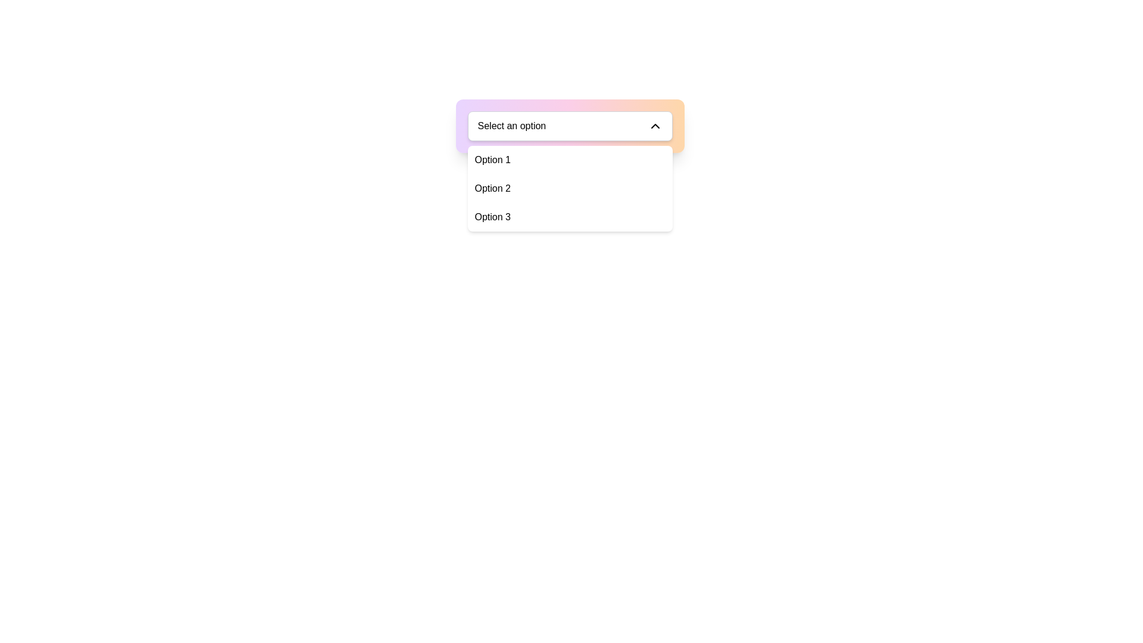 The image size is (1143, 643). What do you see at coordinates (569, 217) in the screenshot?
I see `the dropdown menu item labeled 'Option 3'` at bounding box center [569, 217].